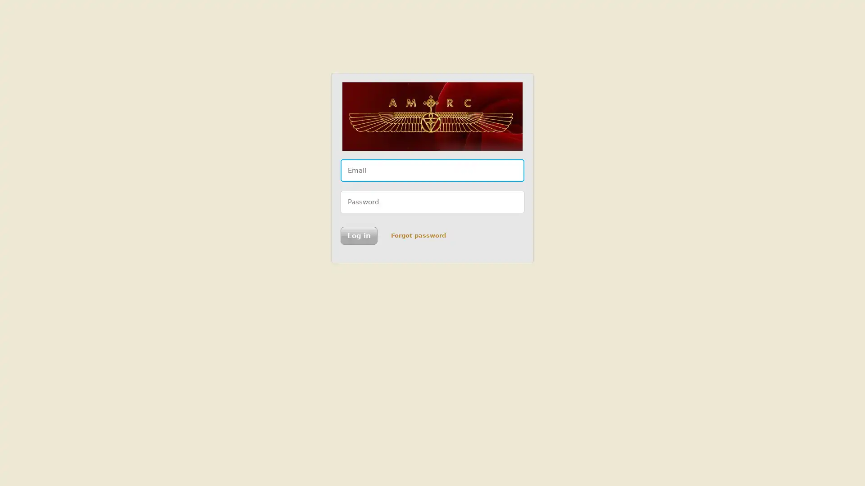 The image size is (865, 486). What do you see at coordinates (358, 235) in the screenshot?
I see `Log in` at bounding box center [358, 235].